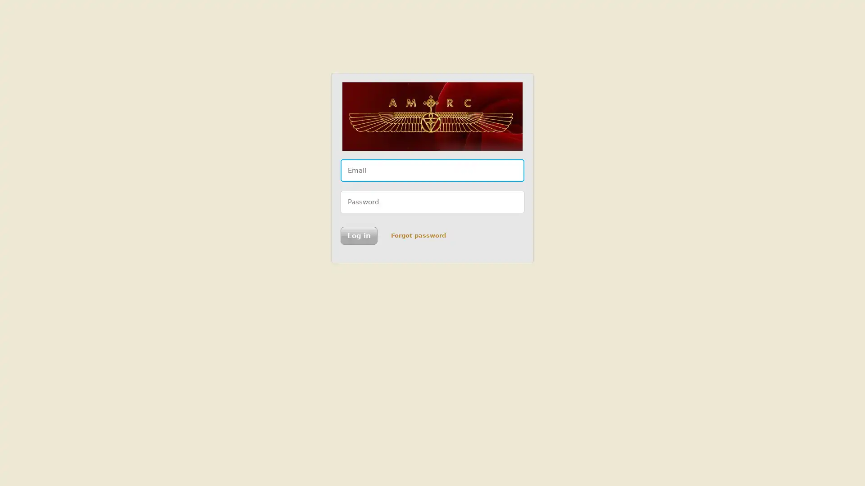 The image size is (865, 486). What do you see at coordinates (358, 235) in the screenshot?
I see `Log in` at bounding box center [358, 235].